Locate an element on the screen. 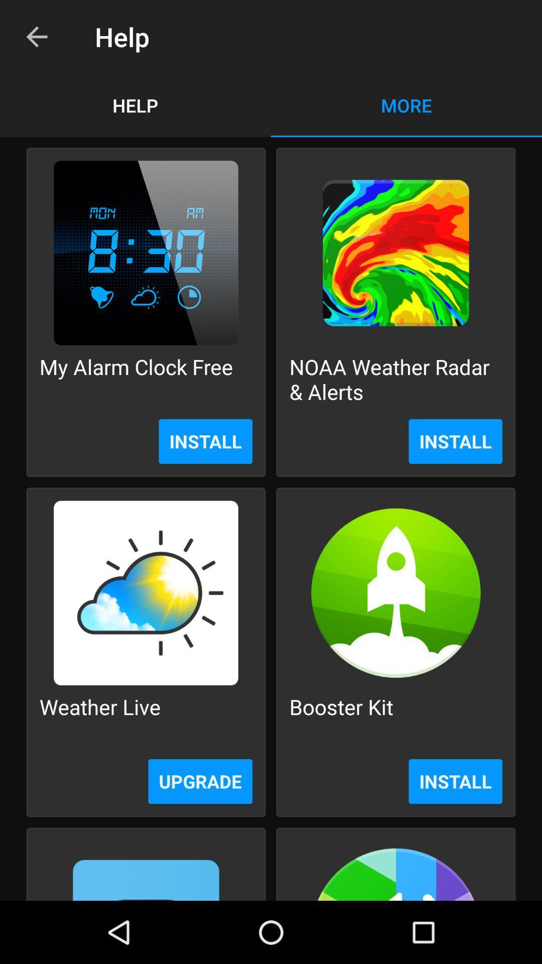 This screenshot has width=542, height=964. icon to the left of the install item is located at coordinates (200, 781).